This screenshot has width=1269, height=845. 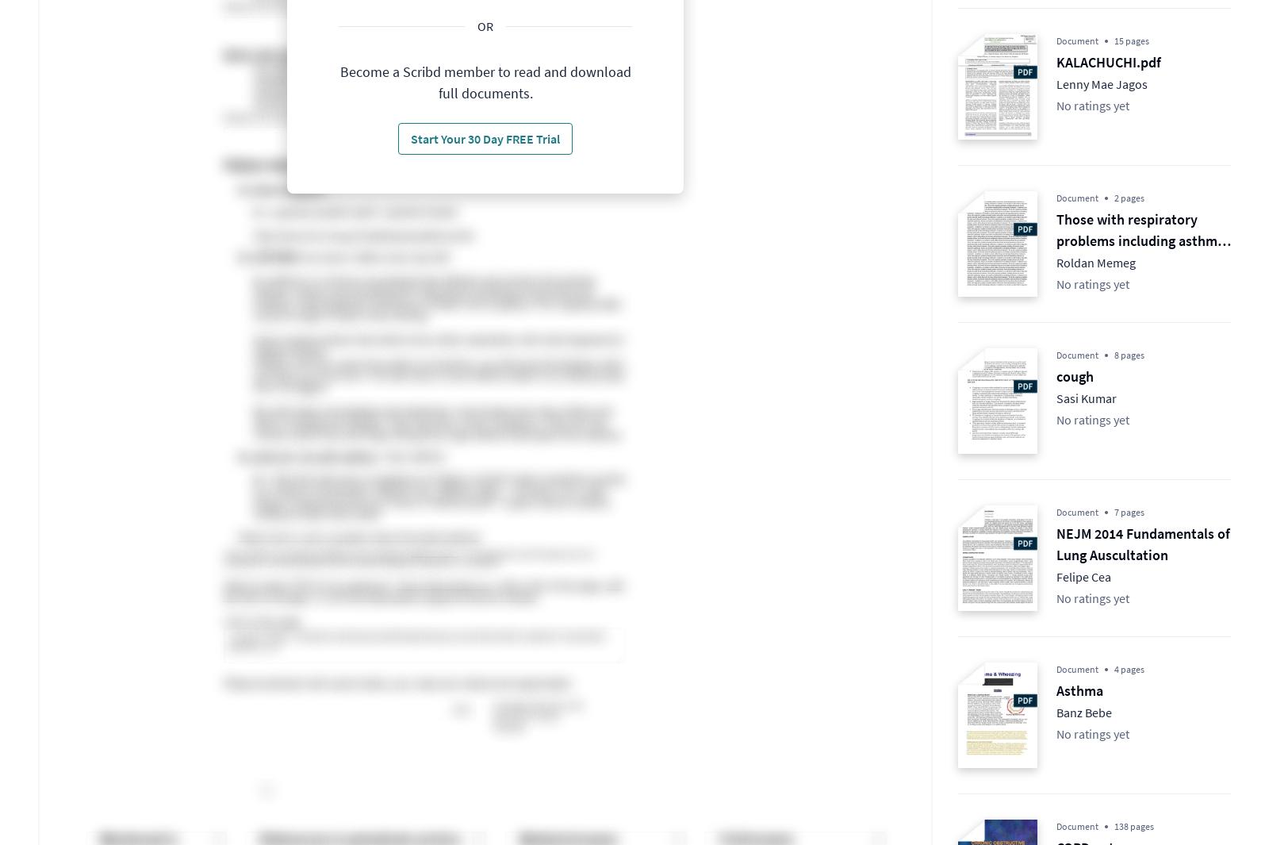 What do you see at coordinates (1134, 826) in the screenshot?
I see `'138 pages'` at bounding box center [1134, 826].